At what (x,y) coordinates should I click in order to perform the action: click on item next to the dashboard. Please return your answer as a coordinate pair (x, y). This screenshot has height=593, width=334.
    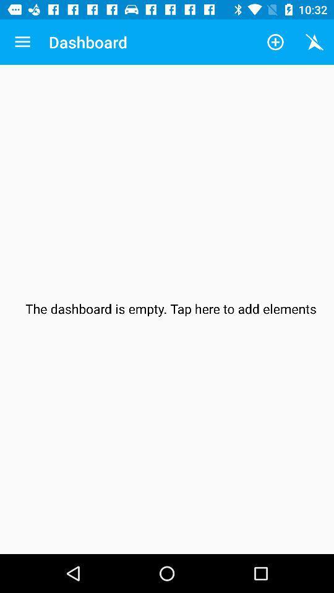
    Looking at the image, I should click on (275, 42).